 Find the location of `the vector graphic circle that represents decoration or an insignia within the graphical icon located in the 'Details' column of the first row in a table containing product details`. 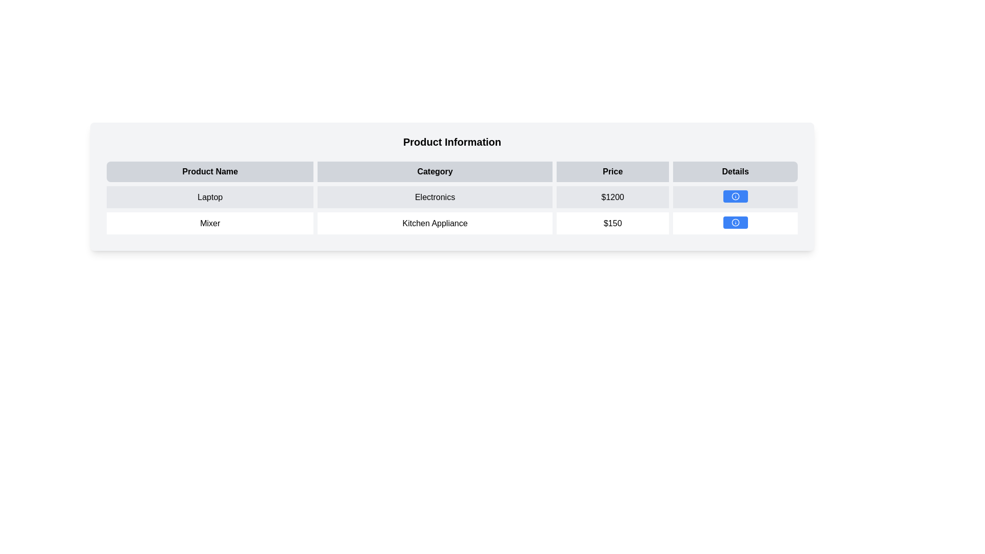

the vector graphic circle that represents decoration or an insignia within the graphical icon located in the 'Details' column of the first row in a table containing product details is located at coordinates (735, 222).